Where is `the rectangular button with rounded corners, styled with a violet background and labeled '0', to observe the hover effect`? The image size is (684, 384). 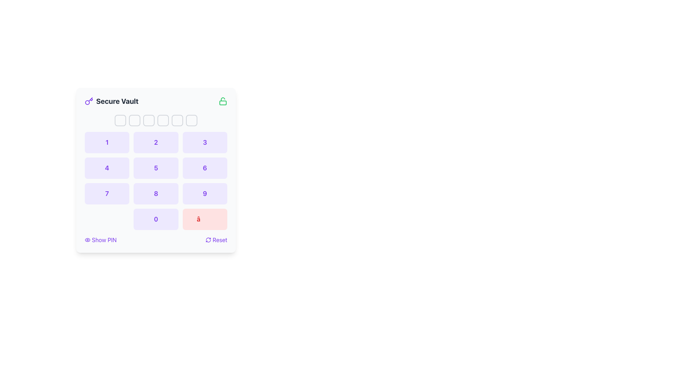
the rectangular button with rounded corners, styled with a violet background and labeled '0', to observe the hover effect is located at coordinates (155, 219).